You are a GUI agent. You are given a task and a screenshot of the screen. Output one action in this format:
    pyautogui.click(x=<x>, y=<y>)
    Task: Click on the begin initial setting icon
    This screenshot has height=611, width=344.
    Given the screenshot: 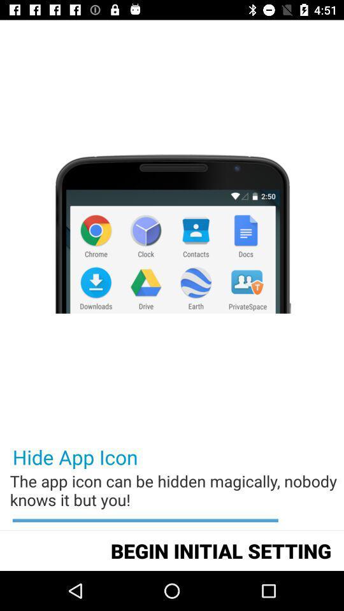 What is the action you would take?
    pyautogui.click(x=220, y=550)
    